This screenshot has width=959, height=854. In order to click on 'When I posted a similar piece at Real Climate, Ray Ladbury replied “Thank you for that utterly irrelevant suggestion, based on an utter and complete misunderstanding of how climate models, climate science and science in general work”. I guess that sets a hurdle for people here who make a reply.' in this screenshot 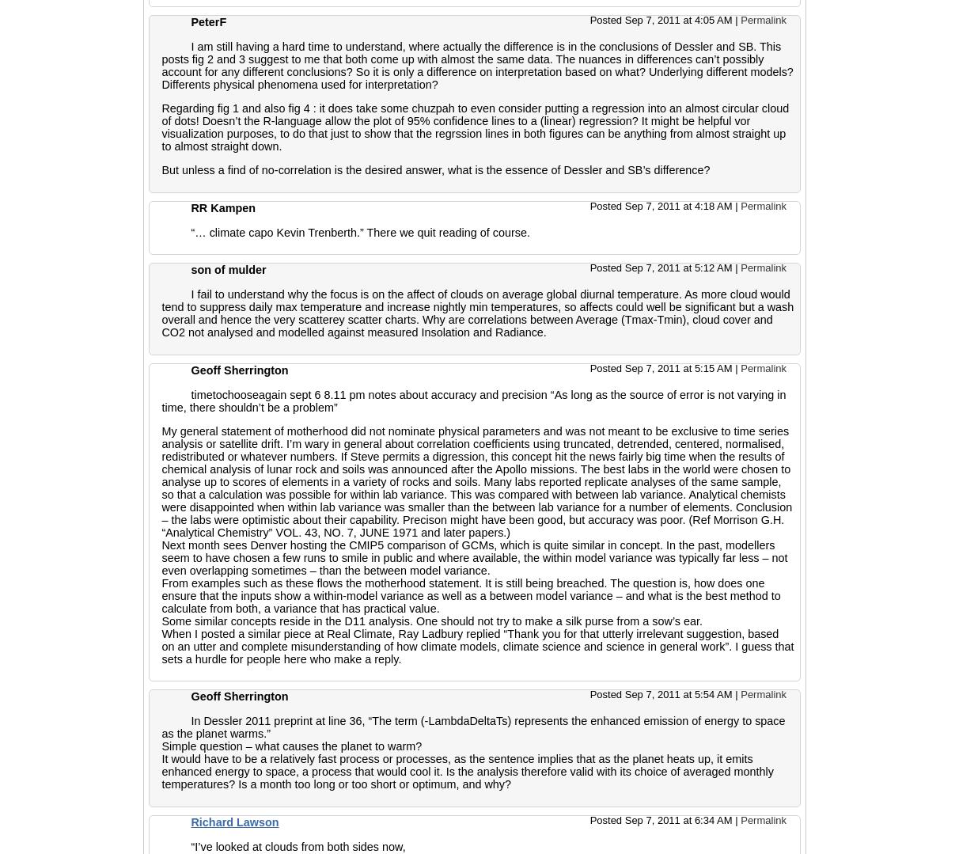, I will do `click(477, 645)`.